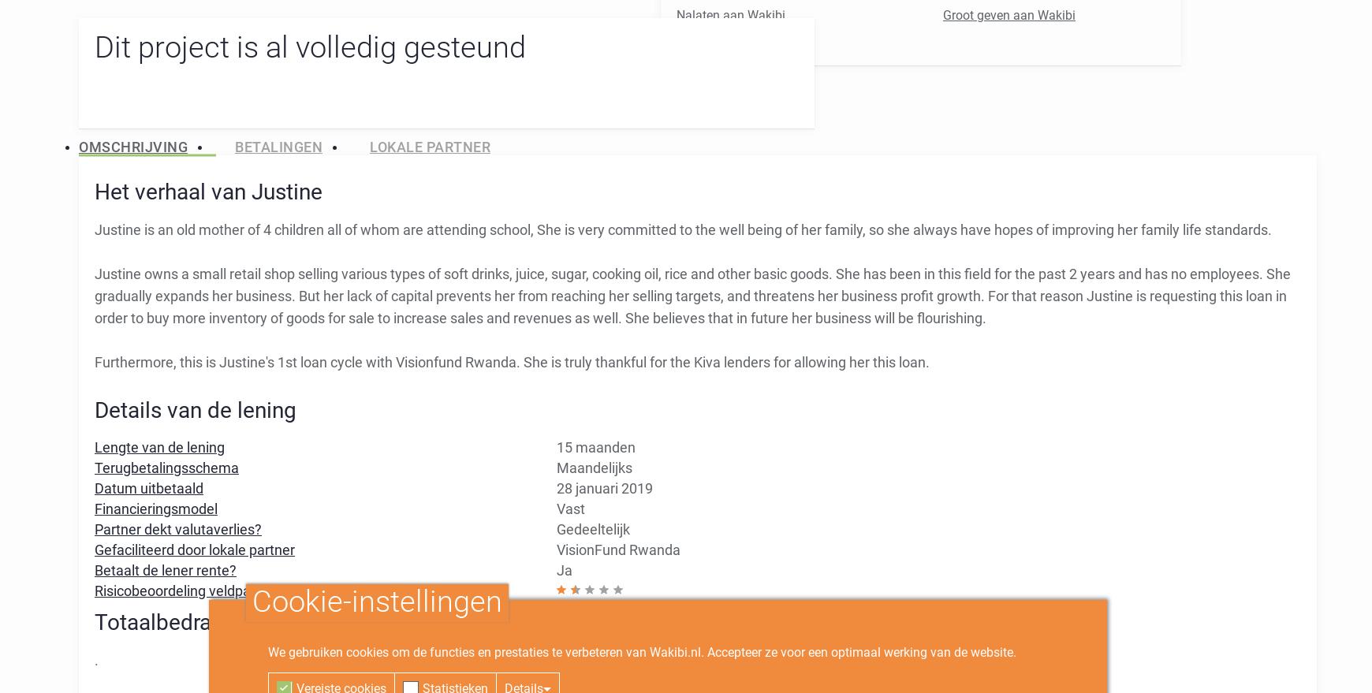 This screenshot has height=693, width=1372. I want to click on 'Cookie-instellingen', so click(376, 601).